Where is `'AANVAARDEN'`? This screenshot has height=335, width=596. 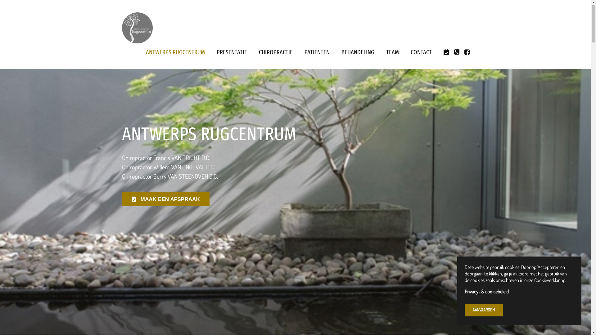 'AANVAARDEN' is located at coordinates (483, 310).